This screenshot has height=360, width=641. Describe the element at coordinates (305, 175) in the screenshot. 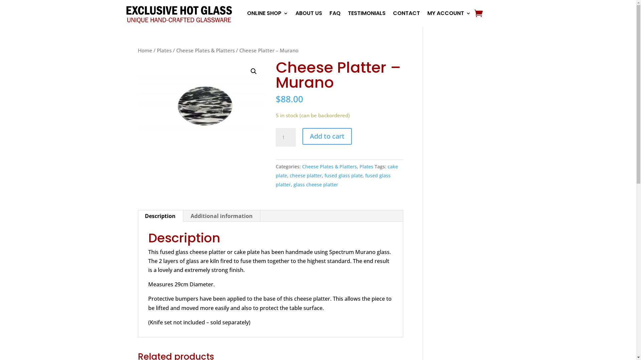

I see `'cheese platter'` at that location.